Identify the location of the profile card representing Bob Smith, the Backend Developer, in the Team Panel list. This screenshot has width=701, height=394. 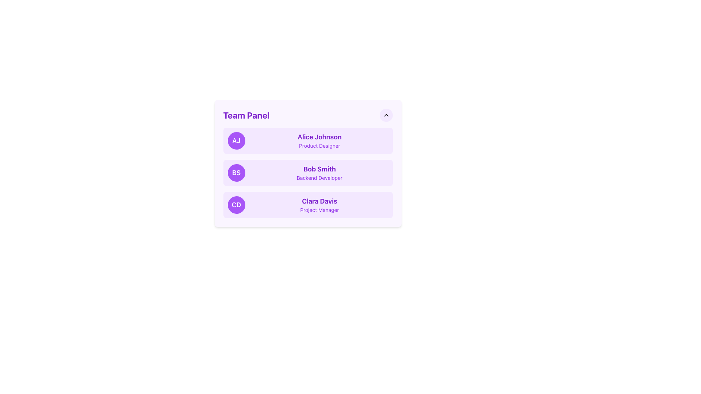
(308, 173).